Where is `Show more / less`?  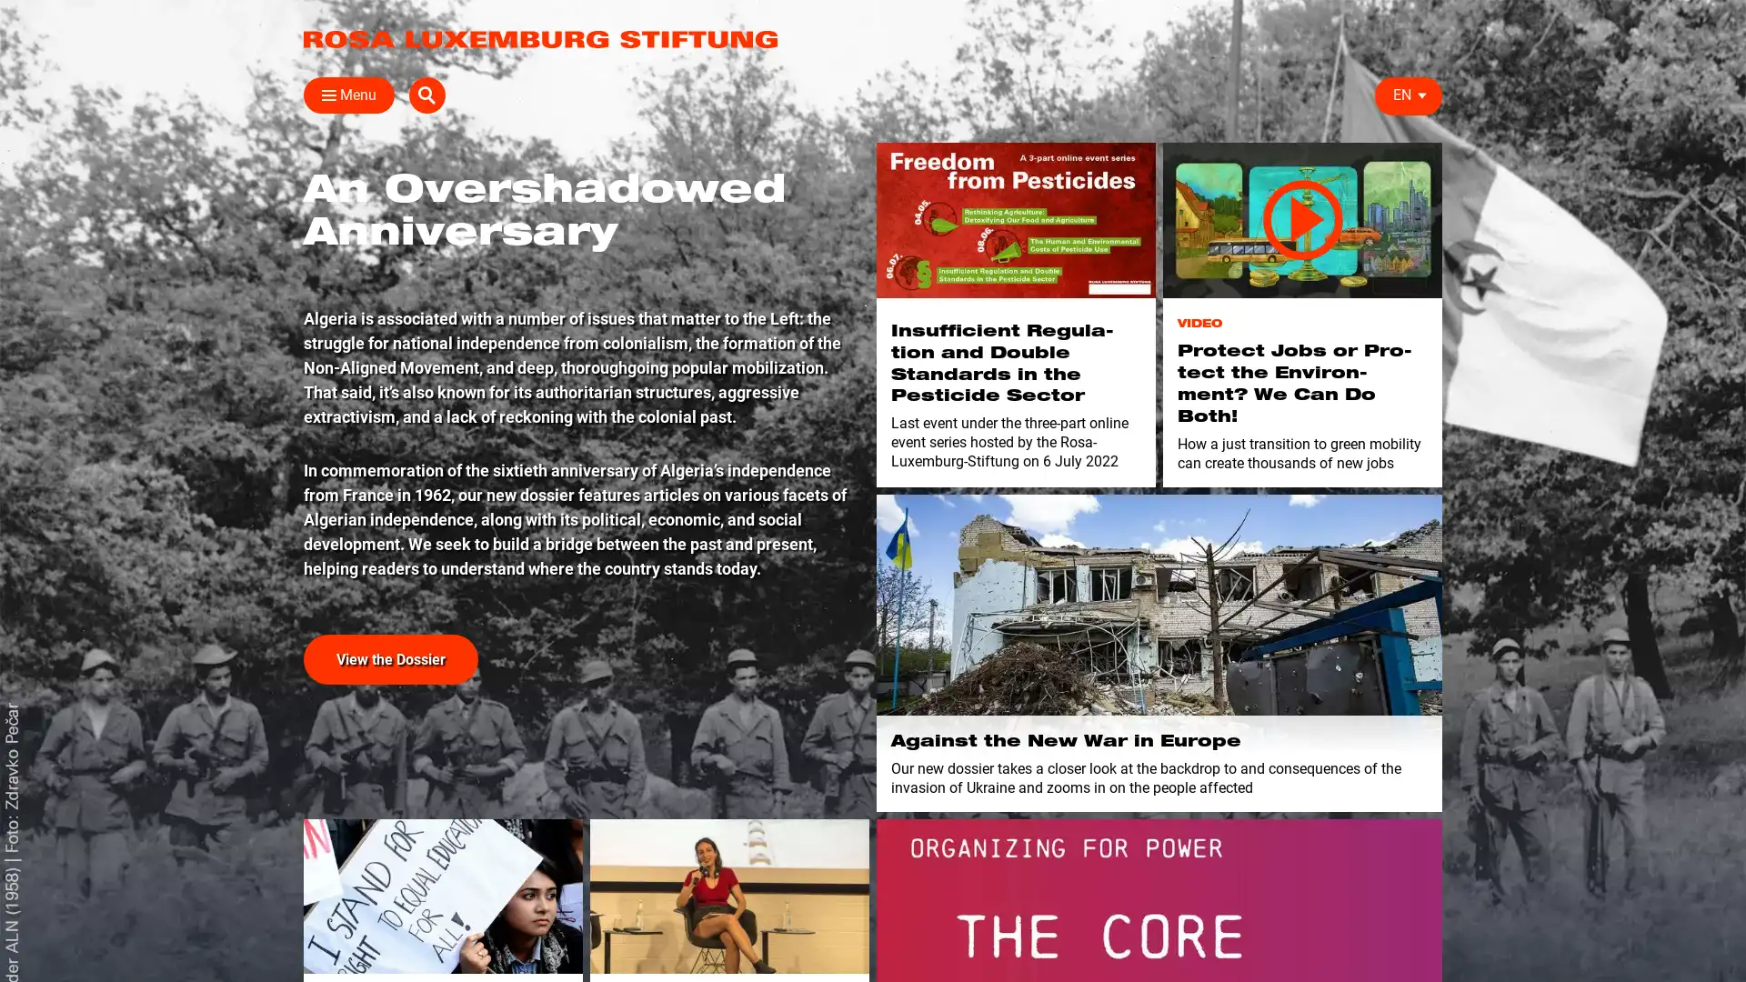
Show more / less is located at coordinates (296, 273).